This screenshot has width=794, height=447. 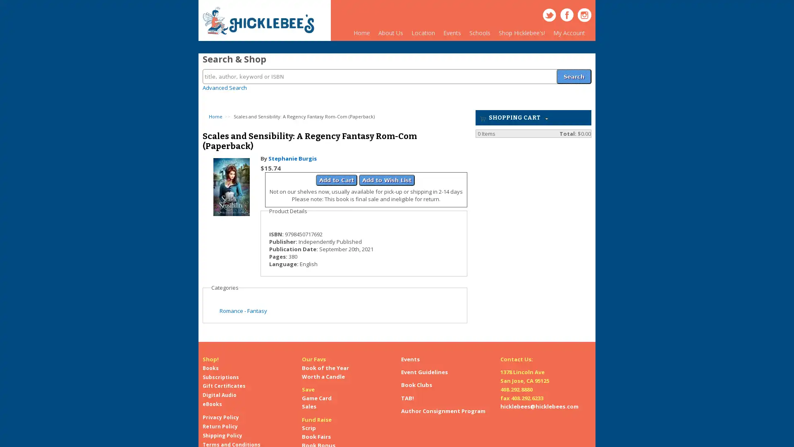 I want to click on Add to Wish List, so click(x=386, y=175).